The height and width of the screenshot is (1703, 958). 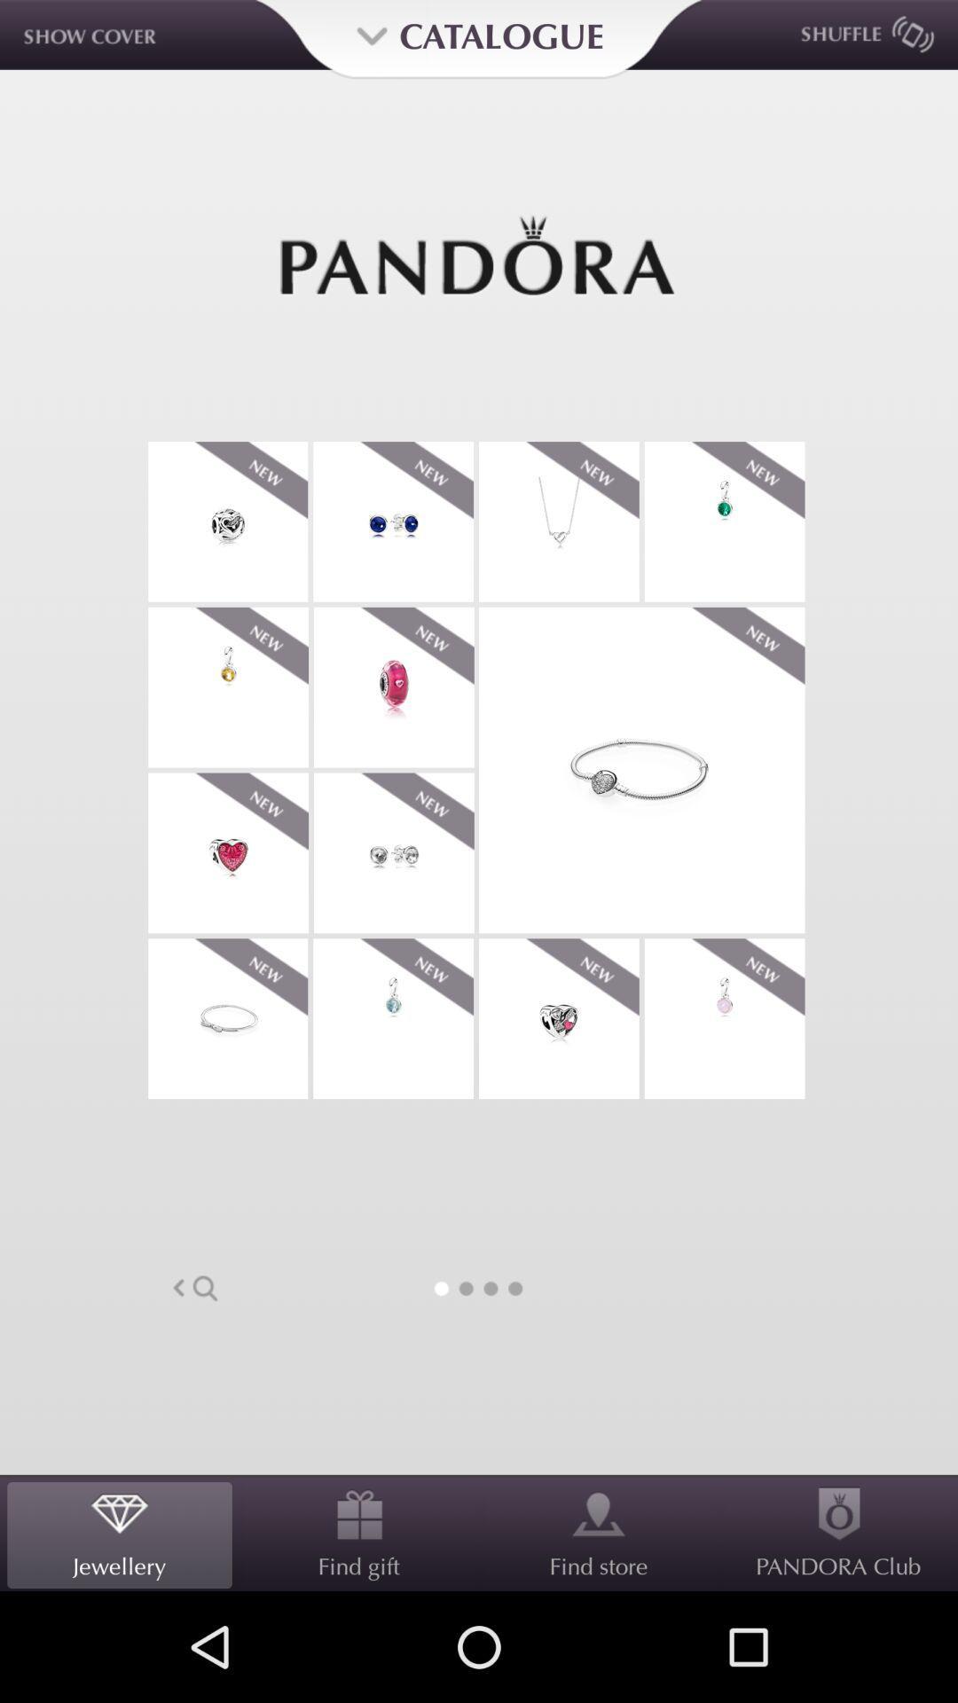 What do you see at coordinates (559, 557) in the screenshot?
I see `the star icon` at bounding box center [559, 557].